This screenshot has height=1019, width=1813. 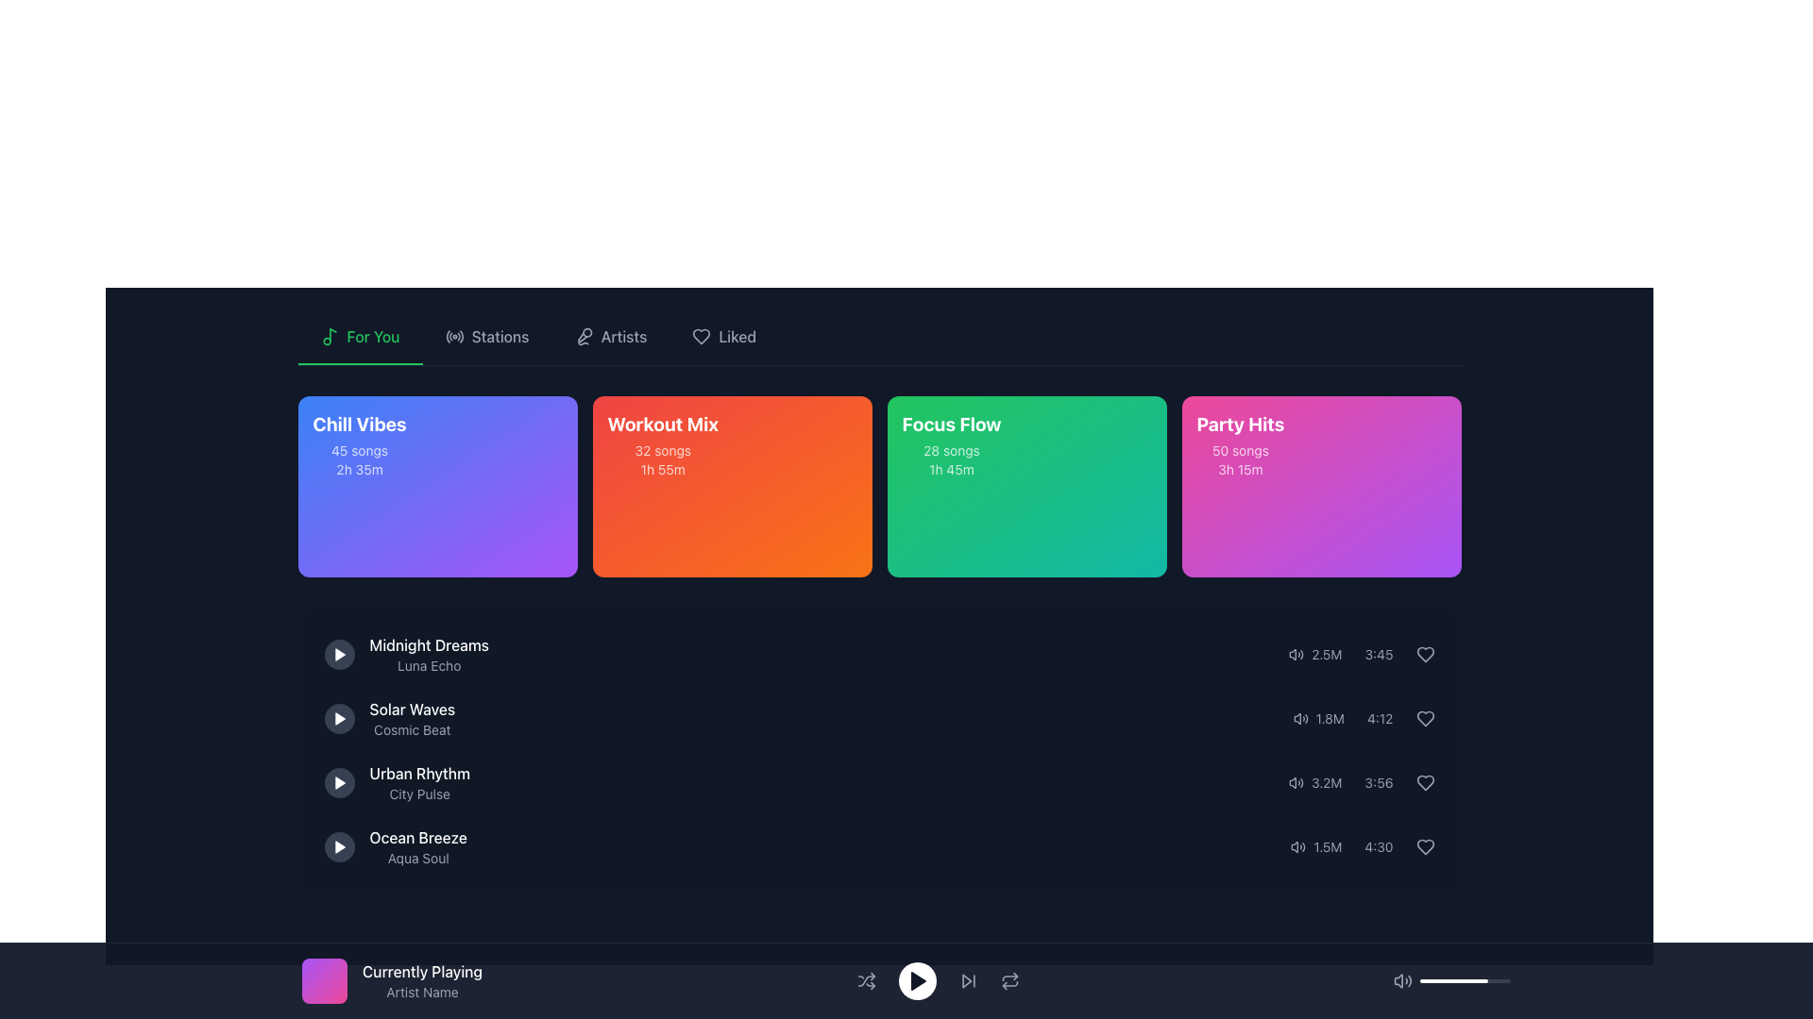 What do you see at coordinates (1425, 654) in the screenshot?
I see `the 'like' button for the song 'Party Hits' to show the context menu` at bounding box center [1425, 654].